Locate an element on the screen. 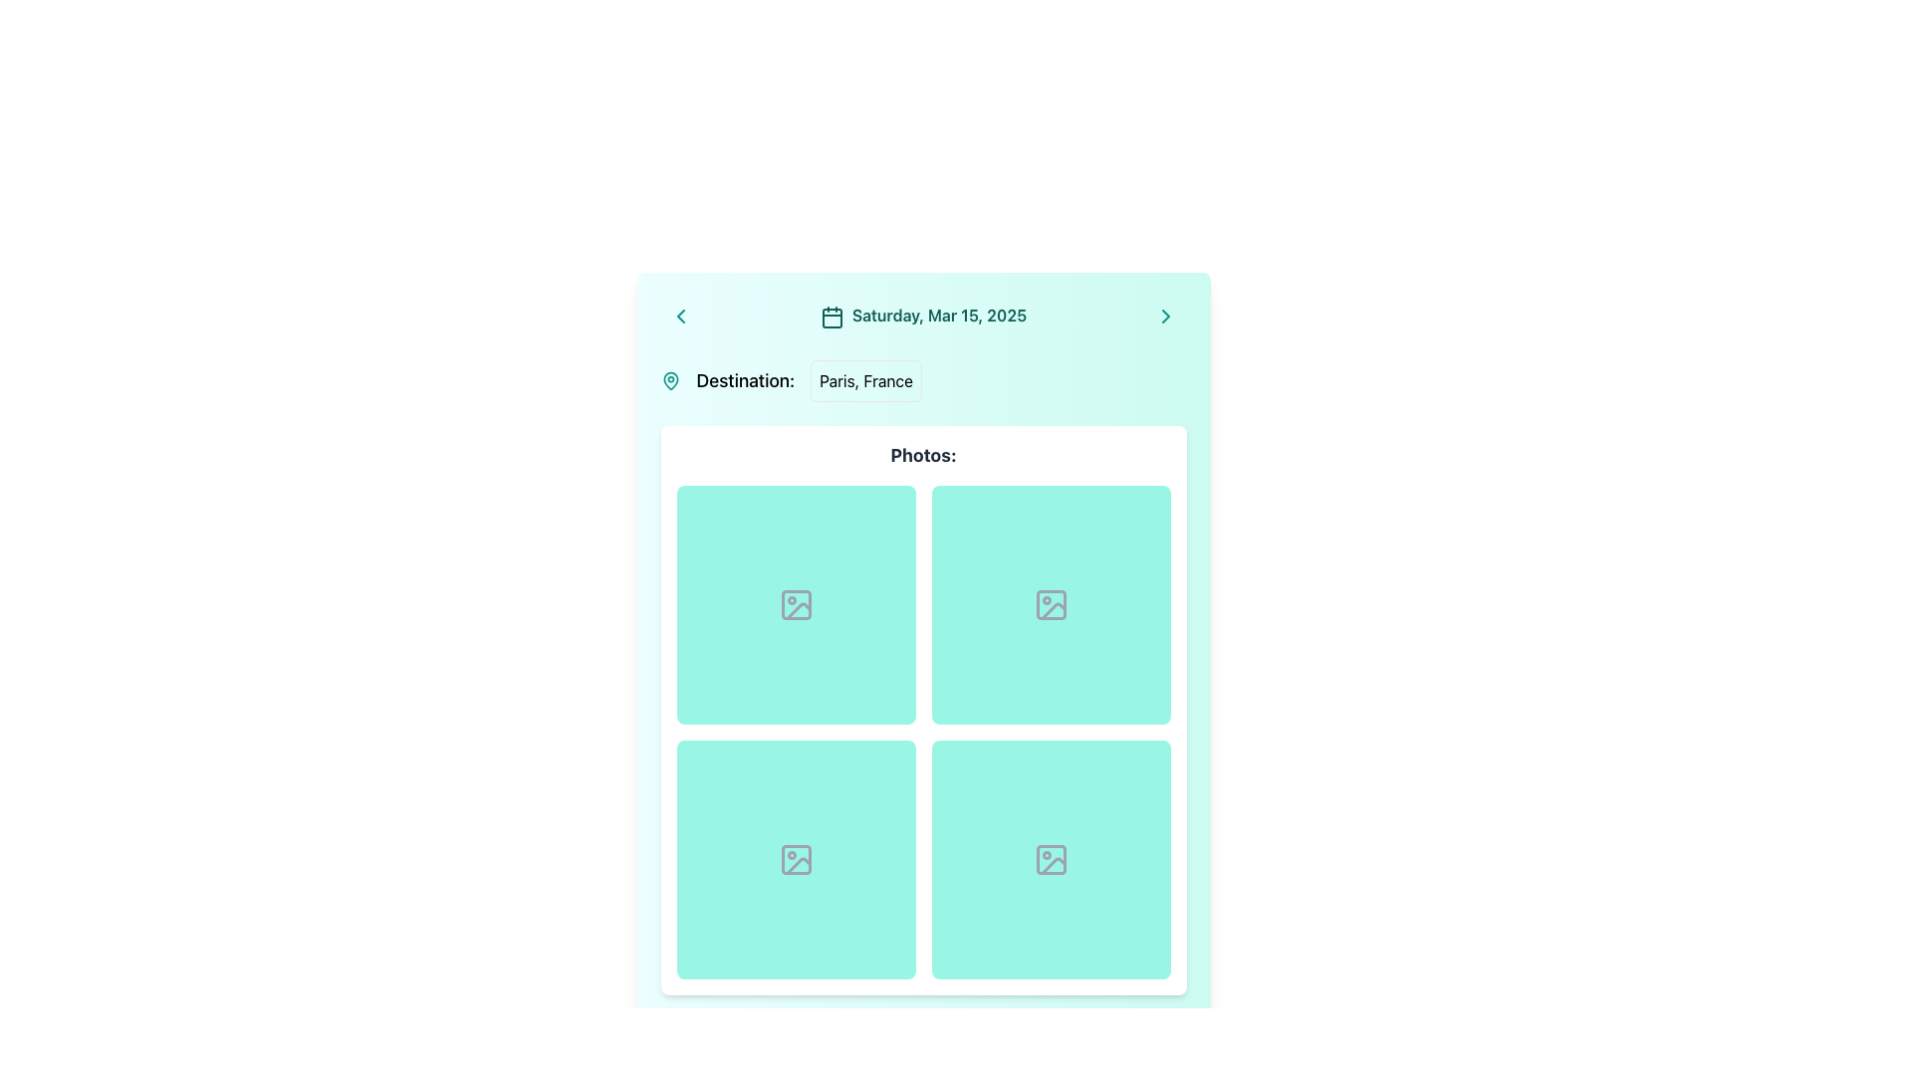  the destination icon located to the left of the 'Destination:' text, which visually signifies a location or destination is located at coordinates (670, 380).